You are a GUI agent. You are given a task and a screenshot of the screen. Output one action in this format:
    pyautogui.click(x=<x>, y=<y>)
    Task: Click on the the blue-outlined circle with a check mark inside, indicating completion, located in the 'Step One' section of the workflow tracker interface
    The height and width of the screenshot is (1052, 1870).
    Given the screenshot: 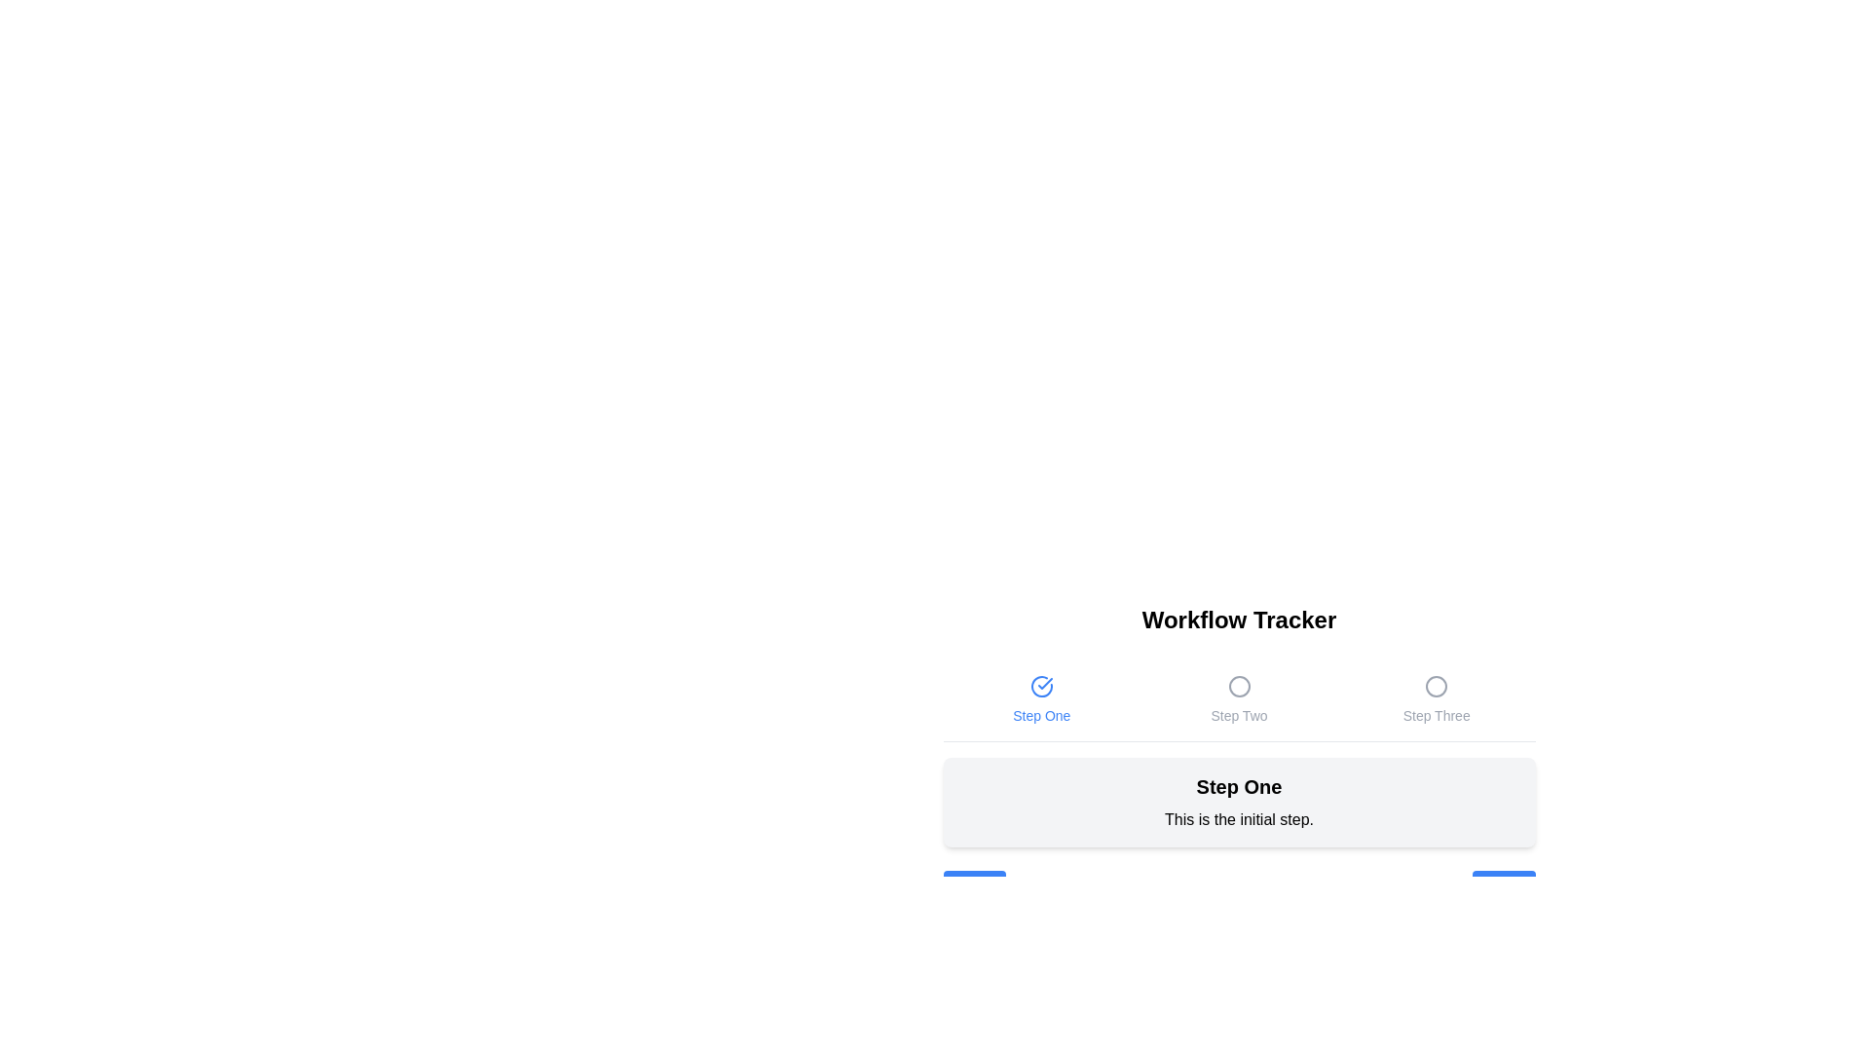 What is the action you would take?
    pyautogui.click(x=1040, y=686)
    